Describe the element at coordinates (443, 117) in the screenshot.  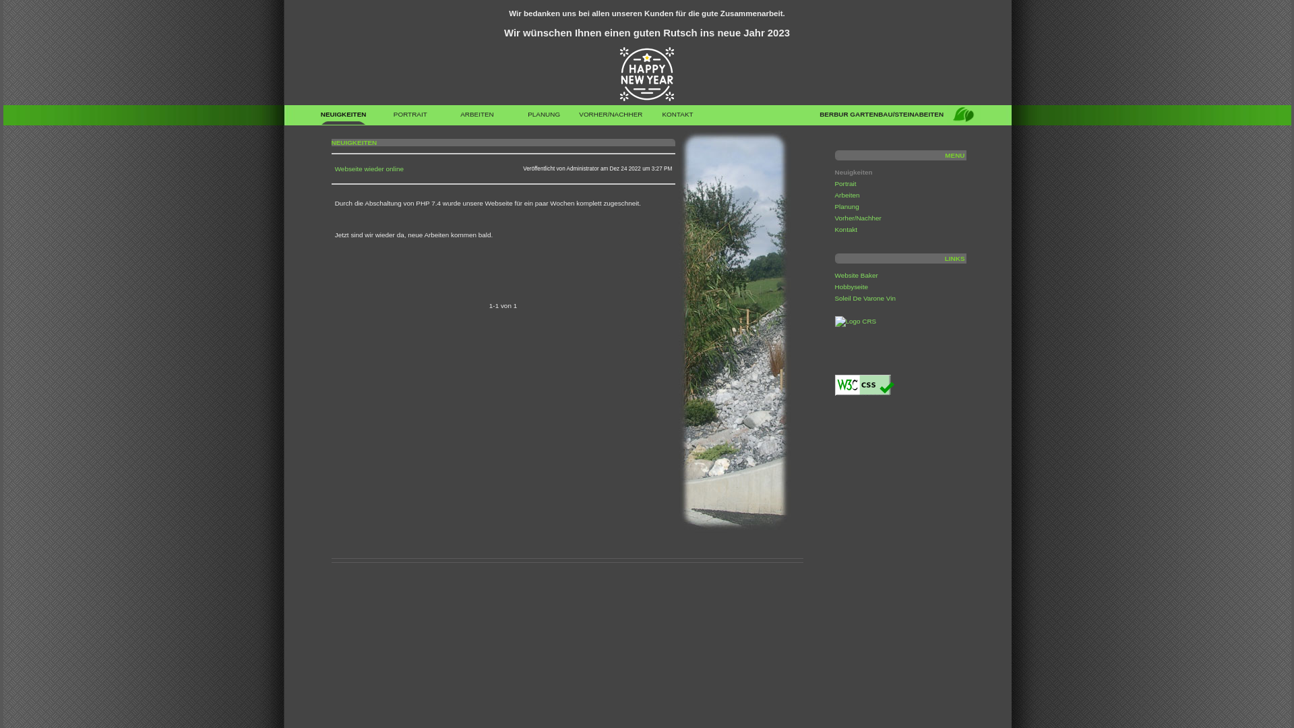
I see `'ARBEITEN'` at that location.